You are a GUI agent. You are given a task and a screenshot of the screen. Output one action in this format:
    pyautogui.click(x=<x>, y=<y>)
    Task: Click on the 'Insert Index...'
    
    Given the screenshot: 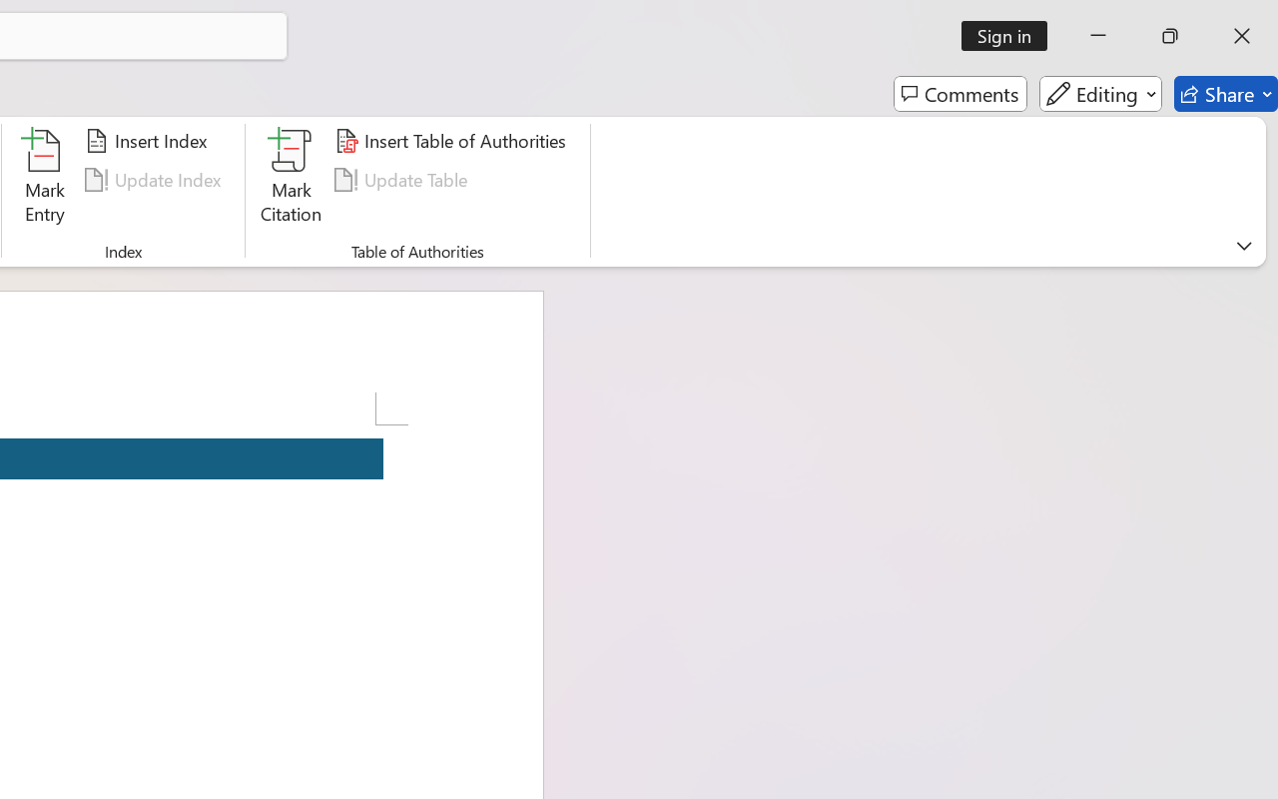 What is the action you would take?
    pyautogui.click(x=148, y=141)
    